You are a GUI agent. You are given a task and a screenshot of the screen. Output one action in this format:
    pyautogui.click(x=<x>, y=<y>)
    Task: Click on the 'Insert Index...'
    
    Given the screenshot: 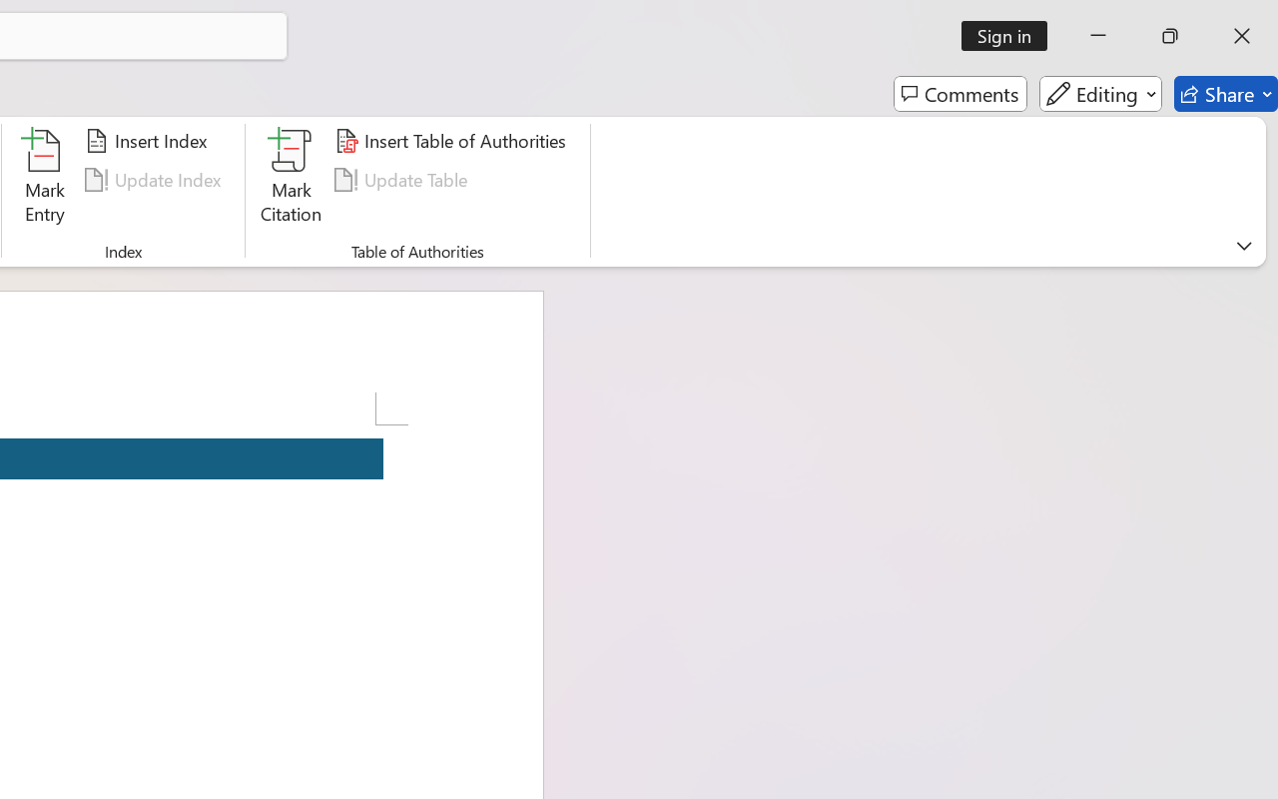 What is the action you would take?
    pyautogui.click(x=148, y=141)
    